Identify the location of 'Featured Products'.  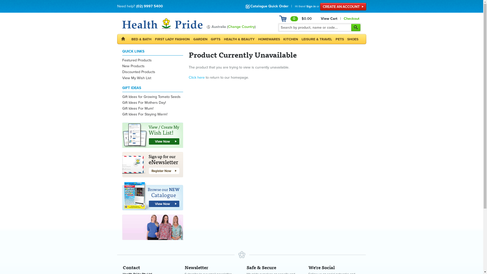
(137, 60).